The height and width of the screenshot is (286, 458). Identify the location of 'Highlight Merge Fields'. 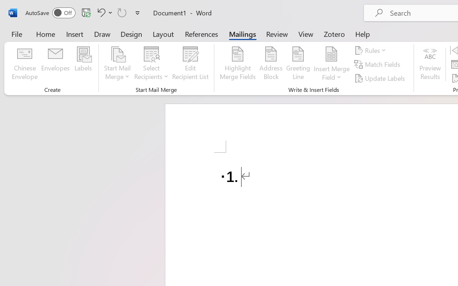
(238, 64).